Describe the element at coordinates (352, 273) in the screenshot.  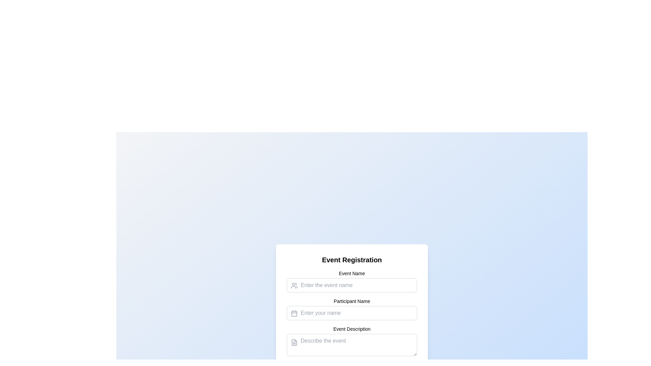
I see `text of the label that provides context for the associated input field for entering the event name, which is located directly above the input field` at that location.